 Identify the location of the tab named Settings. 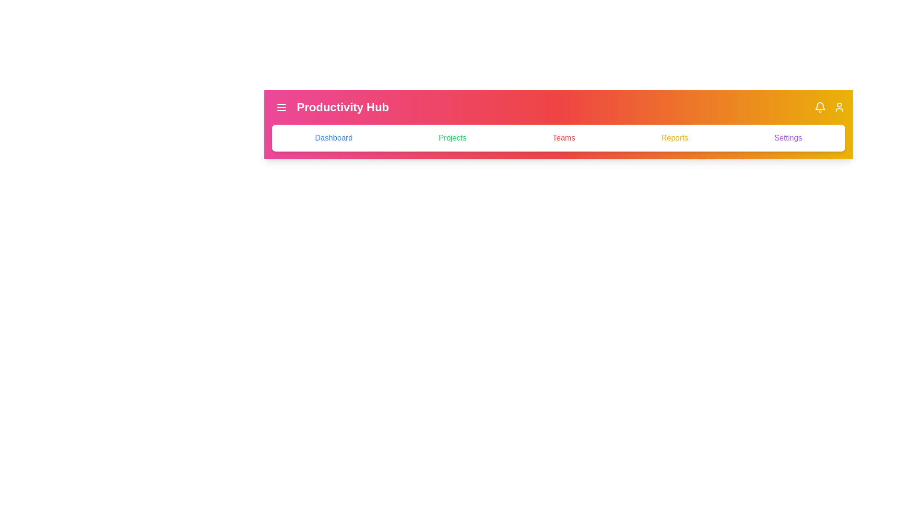
(788, 138).